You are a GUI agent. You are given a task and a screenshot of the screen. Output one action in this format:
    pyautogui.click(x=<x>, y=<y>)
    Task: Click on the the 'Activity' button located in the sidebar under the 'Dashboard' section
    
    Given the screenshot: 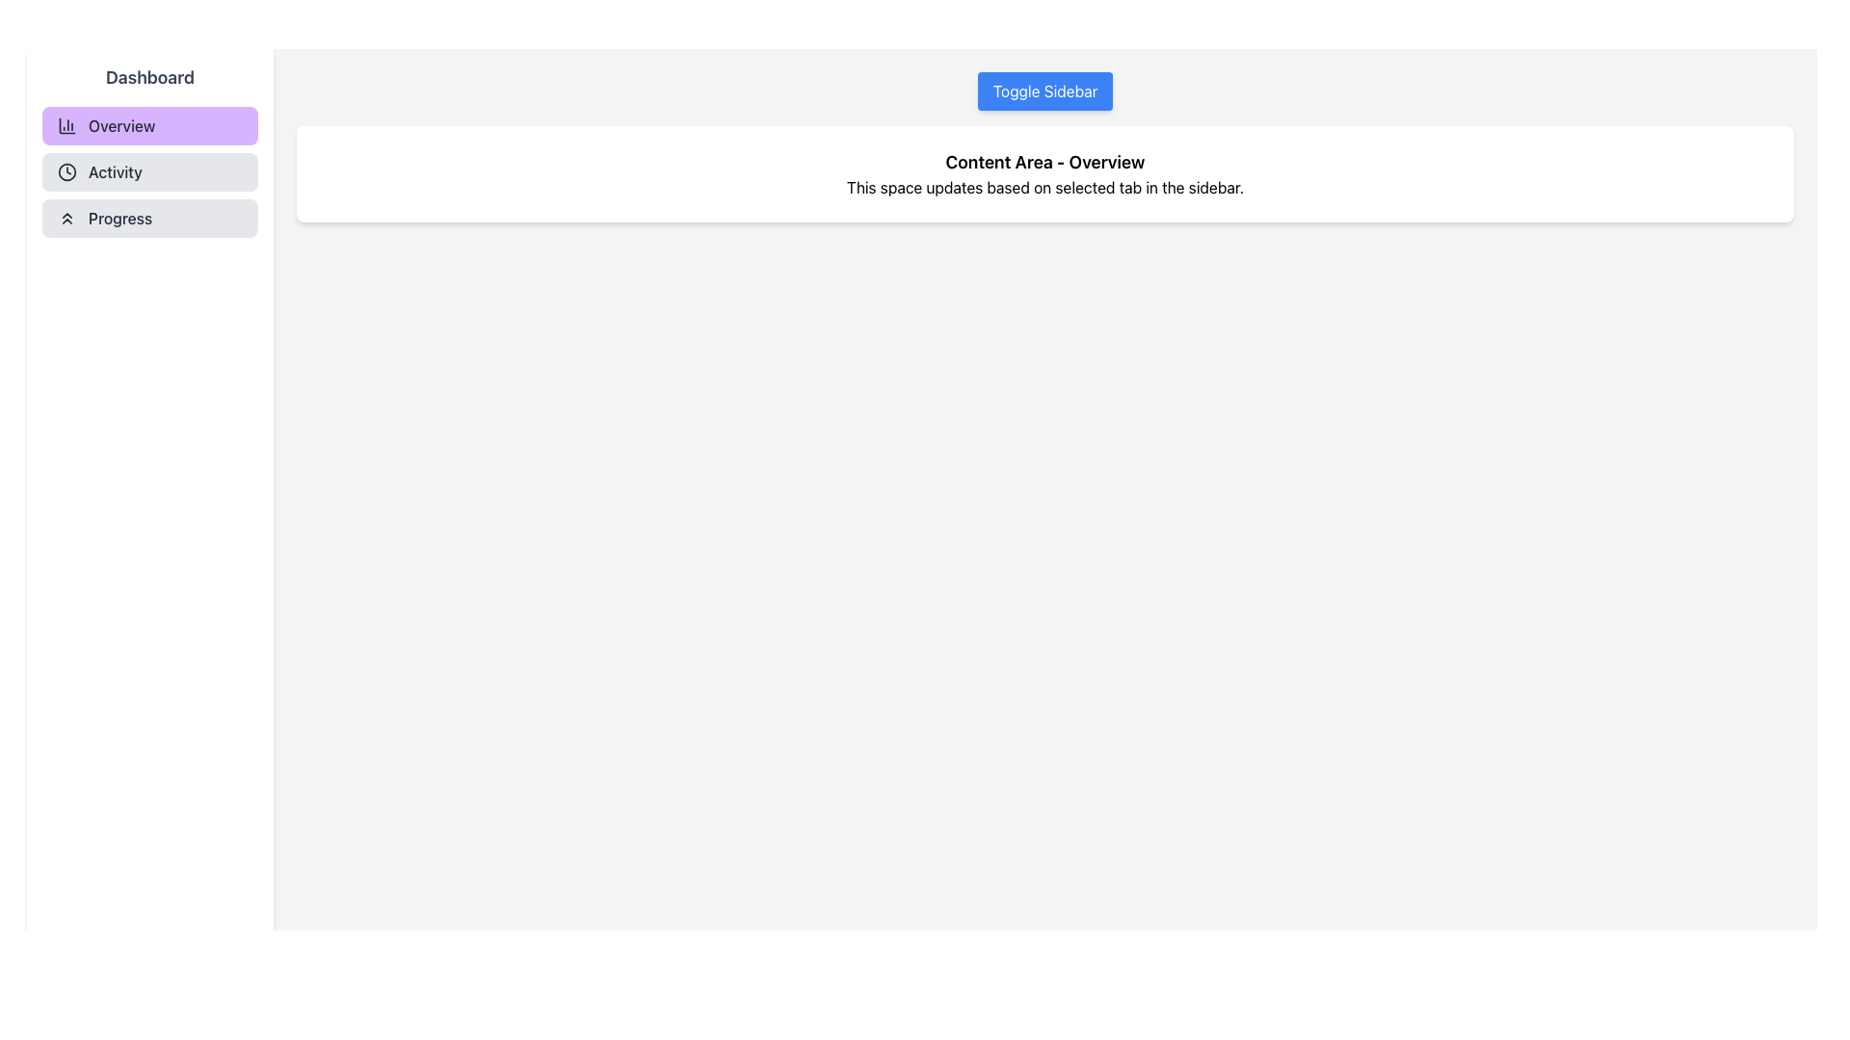 What is the action you would take?
    pyautogui.click(x=149, y=170)
    